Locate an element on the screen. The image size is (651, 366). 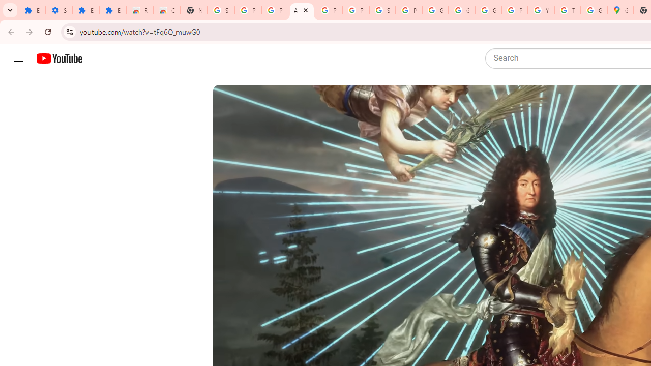
'YouTube Home' is located at coordinates (58, 58).